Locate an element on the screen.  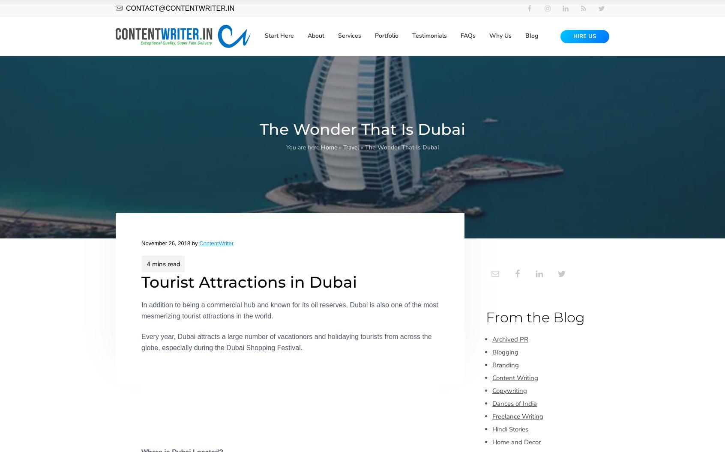
'Hindi Stories' is located at coordinates (509, 428).